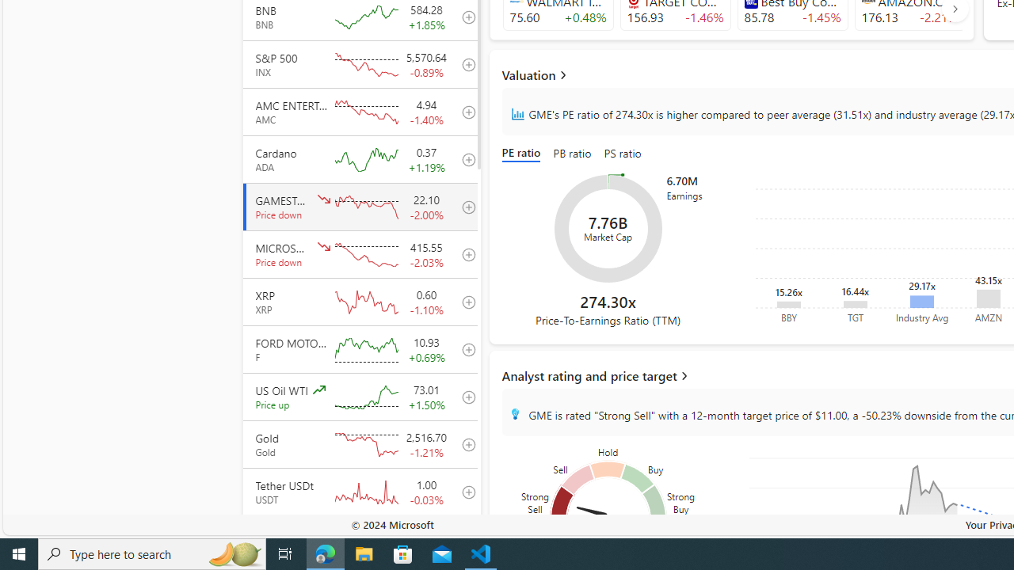 Image resolution: width=1014 pixels, height=570 pixels. I want to click on 'PE ratio', so click(524, 154).